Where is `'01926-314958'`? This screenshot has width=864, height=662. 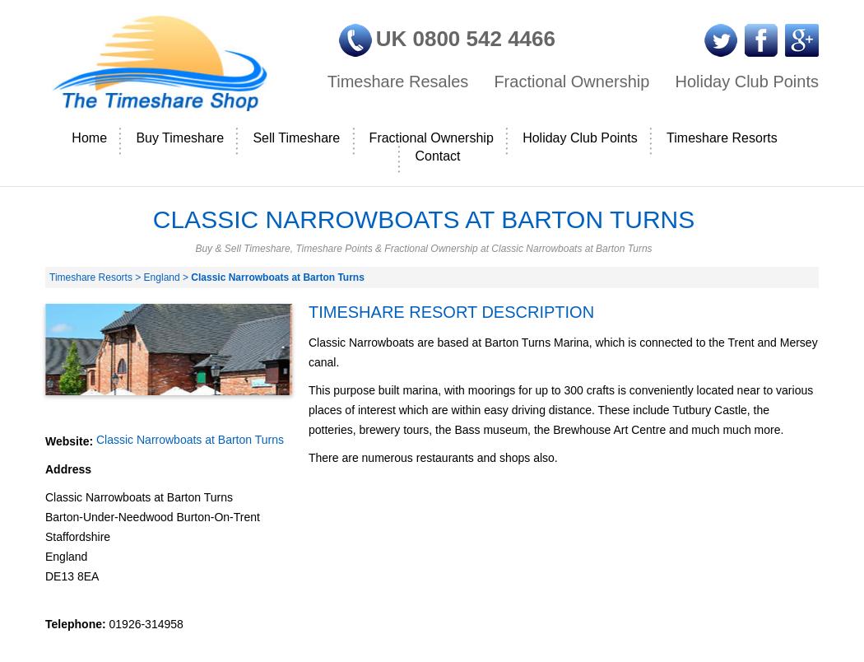 '01926-314958' is located at coordinates (146, 623).